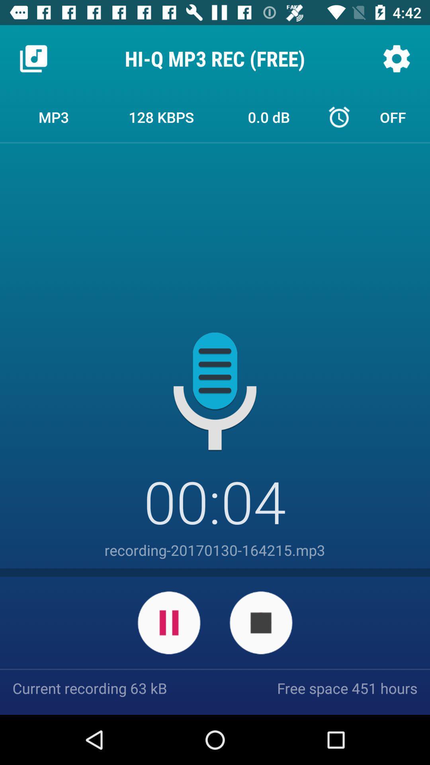 The width and height of the screenshot is (430, 765). I want to click on item to the right of 128 kbps item, so click(269, 116).